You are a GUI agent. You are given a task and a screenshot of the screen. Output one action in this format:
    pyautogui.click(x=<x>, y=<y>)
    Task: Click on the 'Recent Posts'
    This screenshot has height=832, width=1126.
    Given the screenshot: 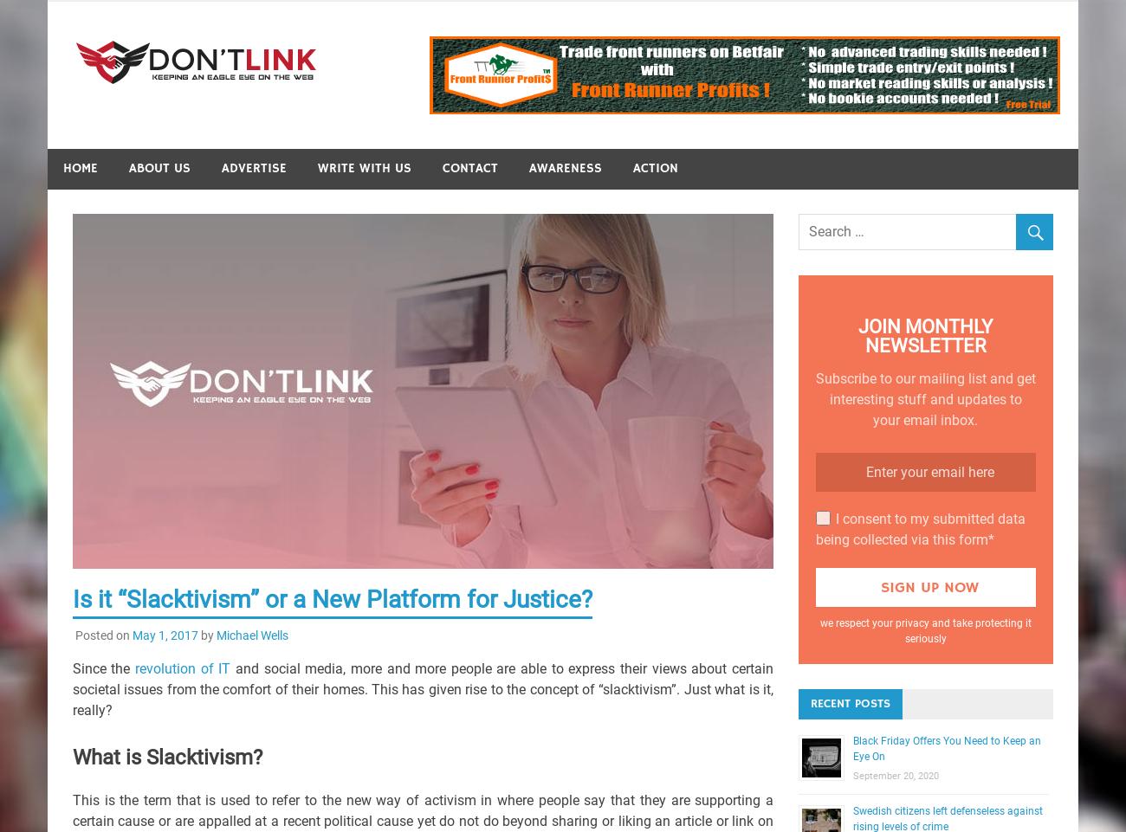 What is the action you would take?
    pyautogui.click(x=848, y=704)
    